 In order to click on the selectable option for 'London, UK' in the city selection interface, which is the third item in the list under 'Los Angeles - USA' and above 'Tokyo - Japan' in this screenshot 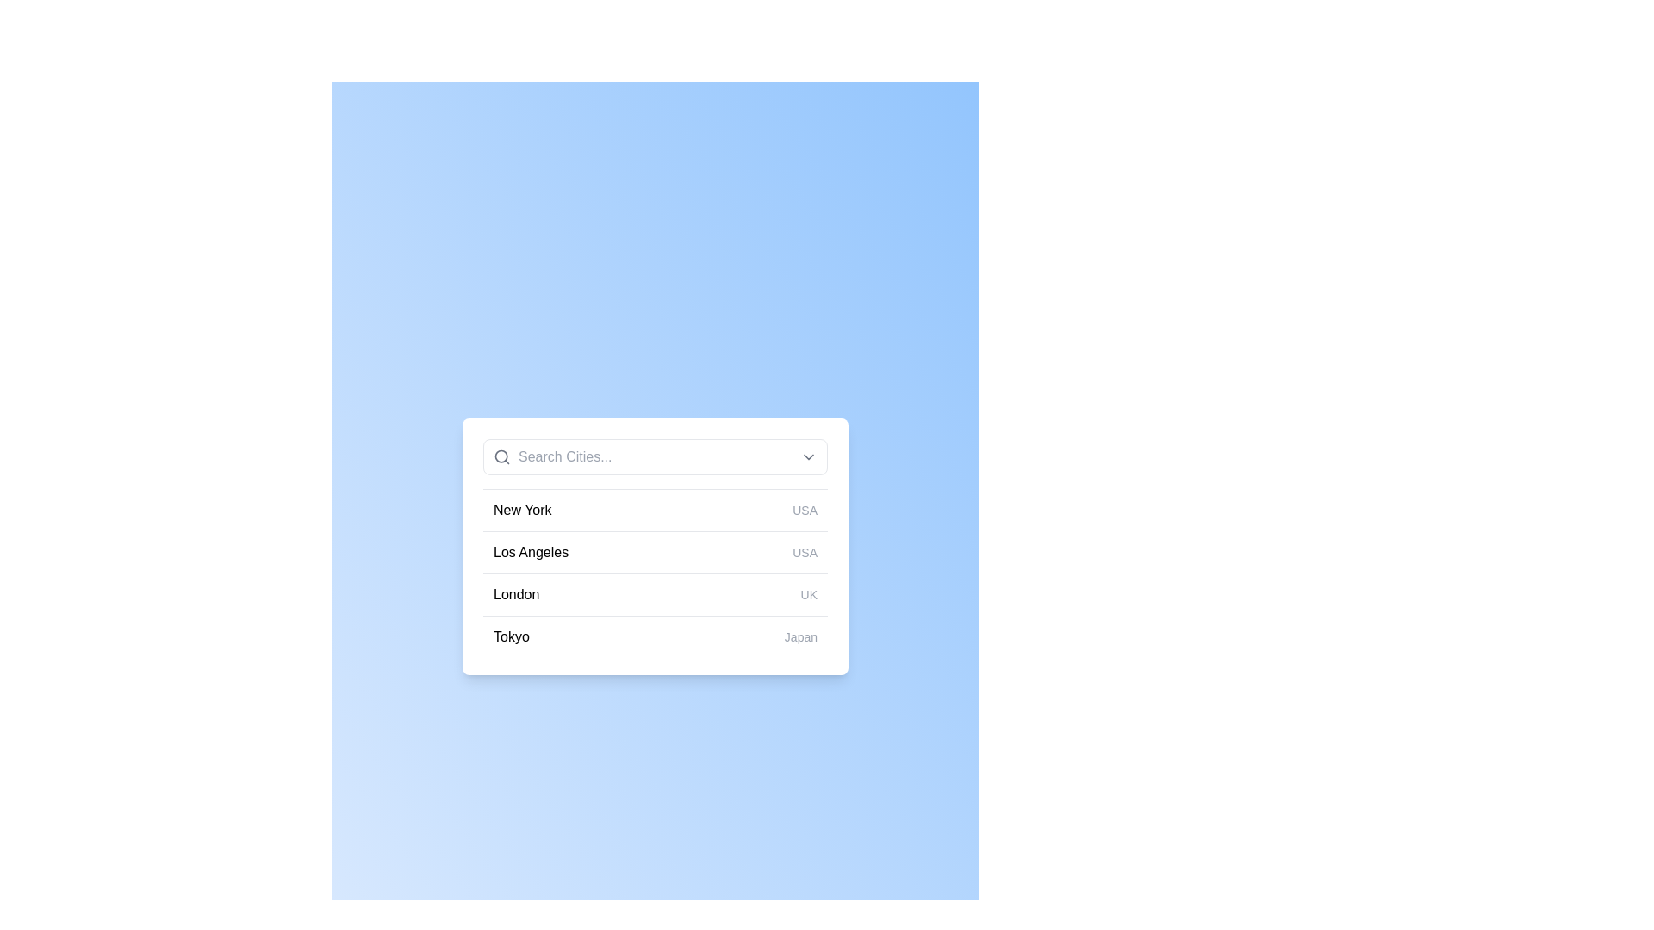, I will do `click(655, 593)`.